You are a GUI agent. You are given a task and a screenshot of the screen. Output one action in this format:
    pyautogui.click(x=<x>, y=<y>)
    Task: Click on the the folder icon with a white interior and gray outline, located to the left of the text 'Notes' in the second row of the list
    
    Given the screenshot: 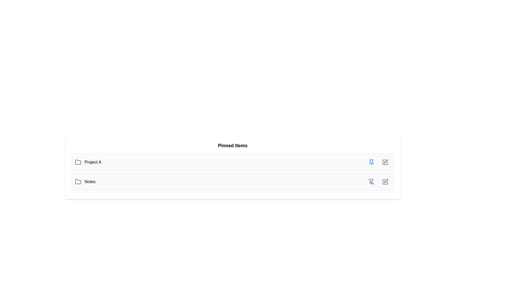 What is the action you would take?
    pyautogui.click(x=78, y=181)
    